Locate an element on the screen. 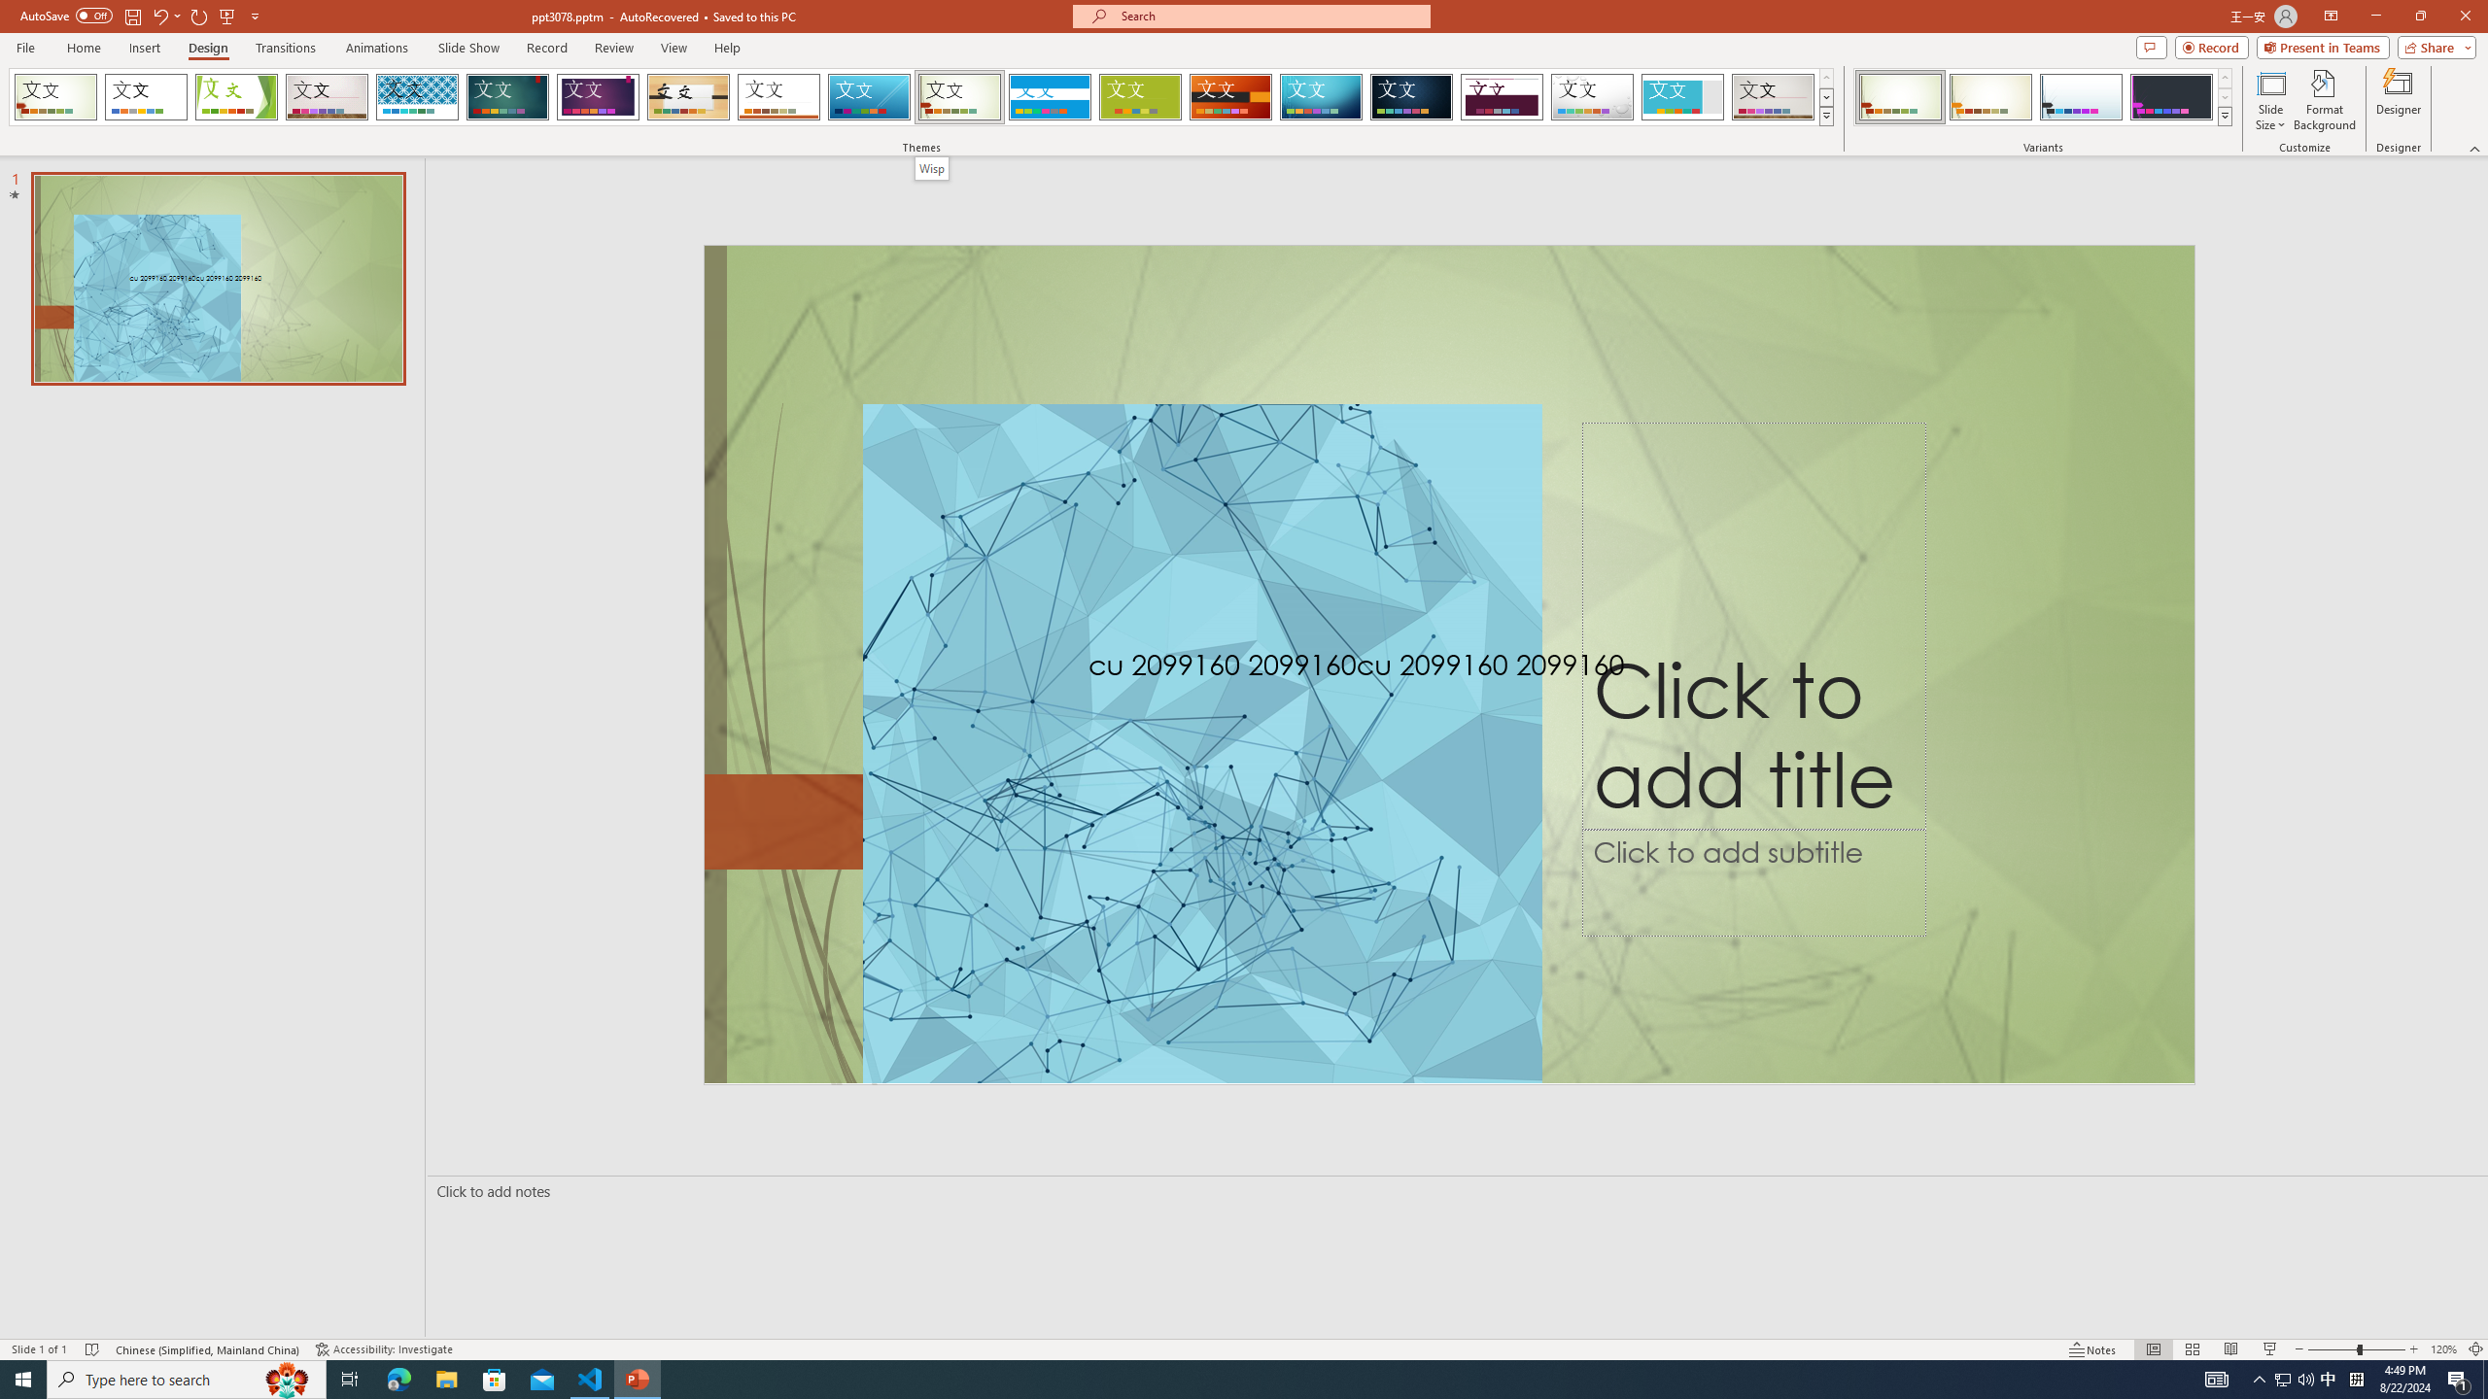  'Ion Loading Preview...' is located at coordinates (506, 96).